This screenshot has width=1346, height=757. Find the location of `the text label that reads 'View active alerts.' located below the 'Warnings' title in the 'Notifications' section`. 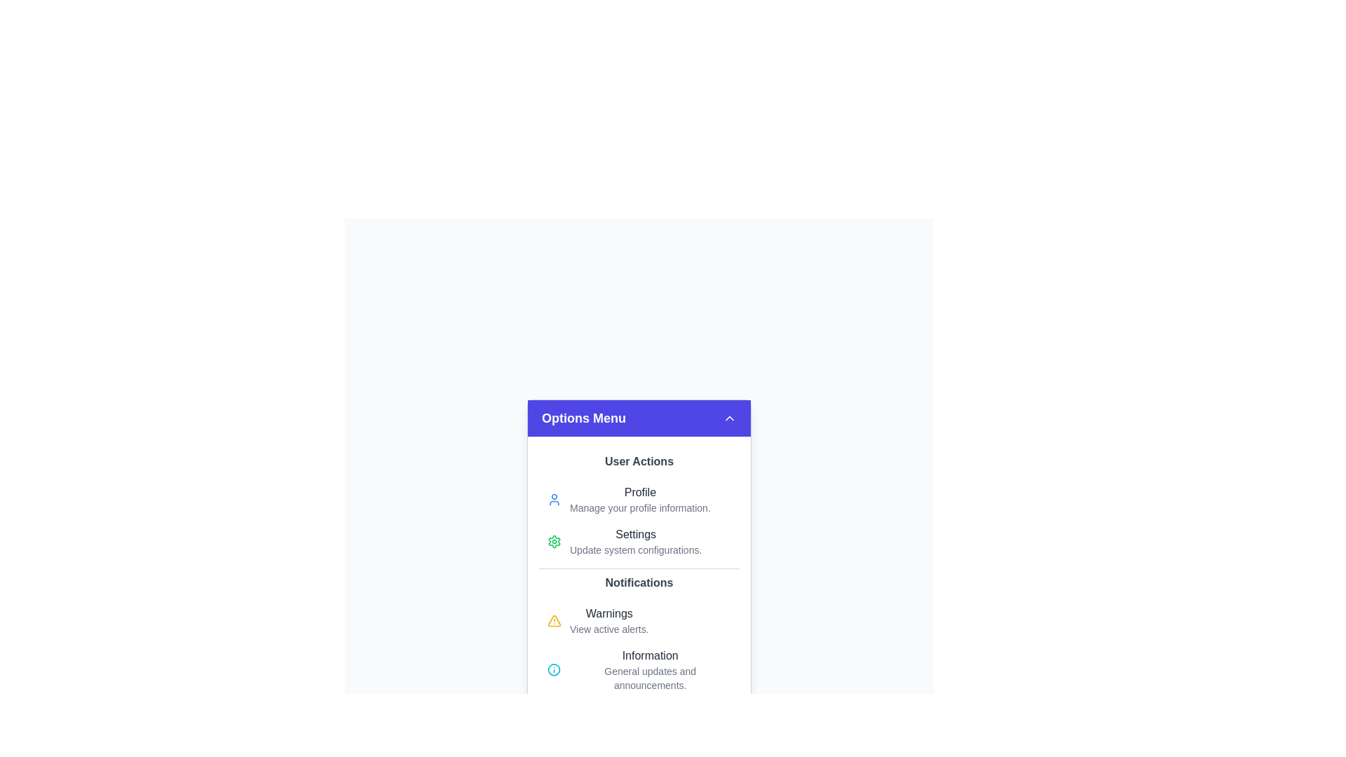

the text label that reads 'View active alerts.' located below the 'Warnings' title in the 'Notifications' section is located at coordinates (609, 629).